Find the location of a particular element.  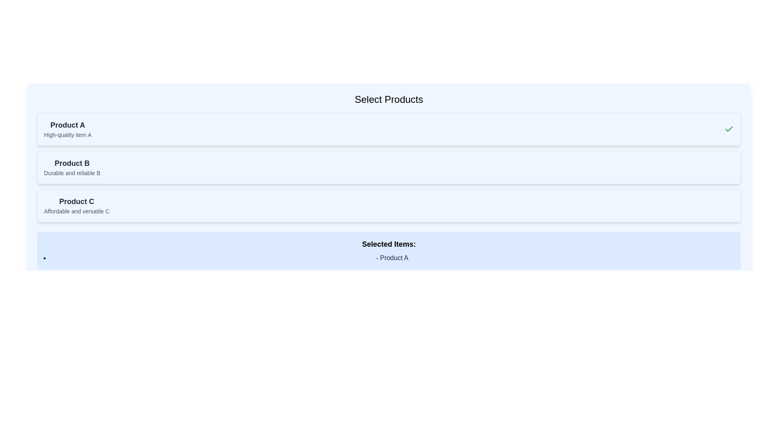

the product card that contains a title and description, located second in a vertical list is located at coordinates (389, 167).